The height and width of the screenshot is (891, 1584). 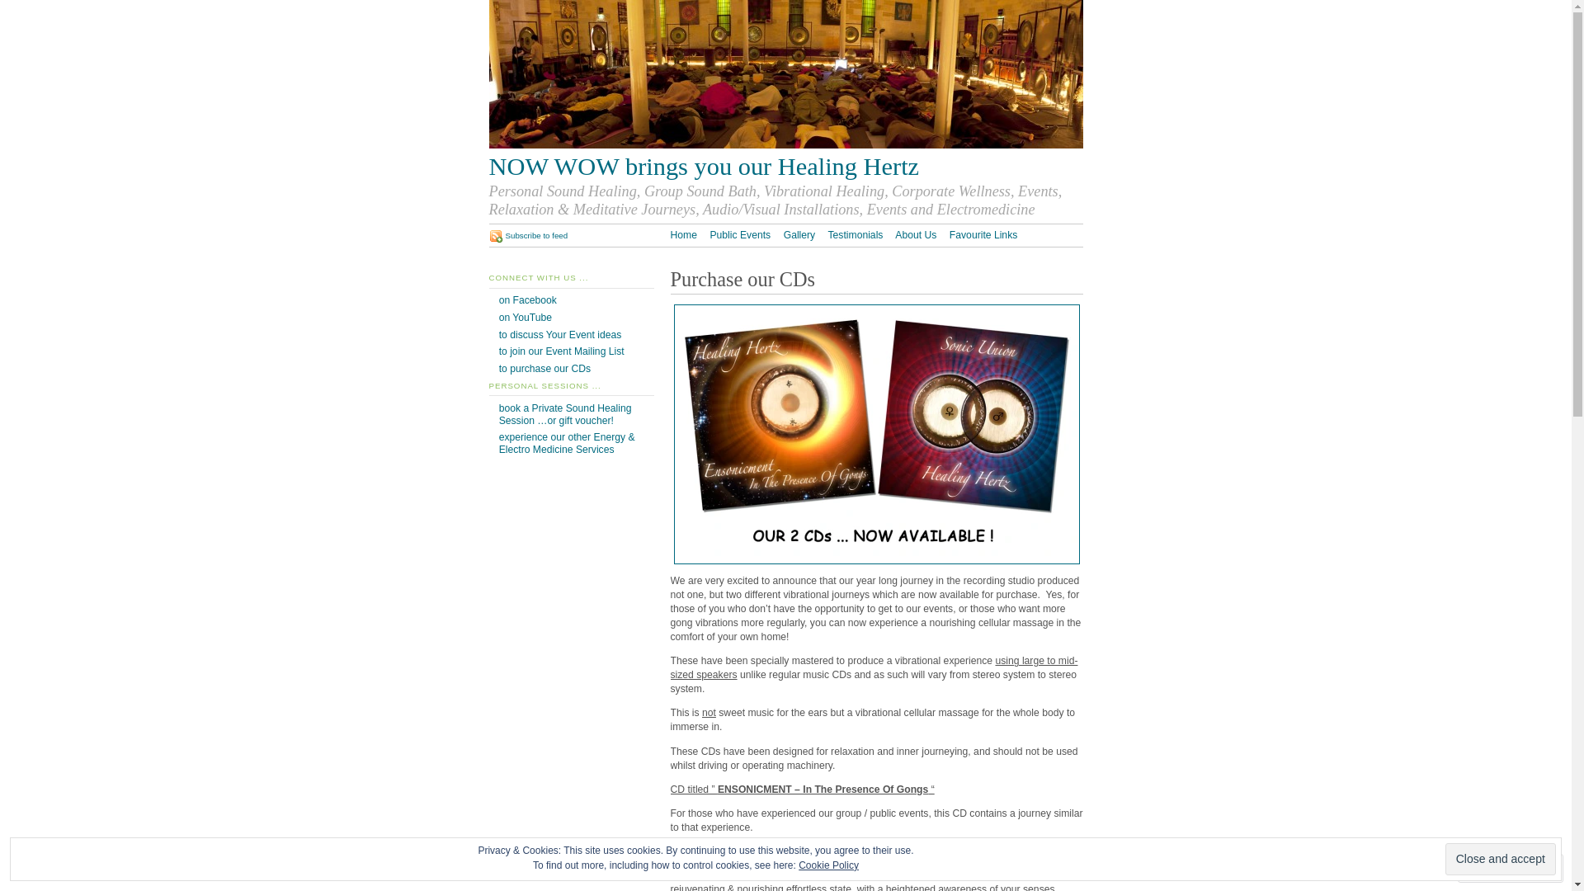 I want to click on 'Home', so click(x=683, y=235).